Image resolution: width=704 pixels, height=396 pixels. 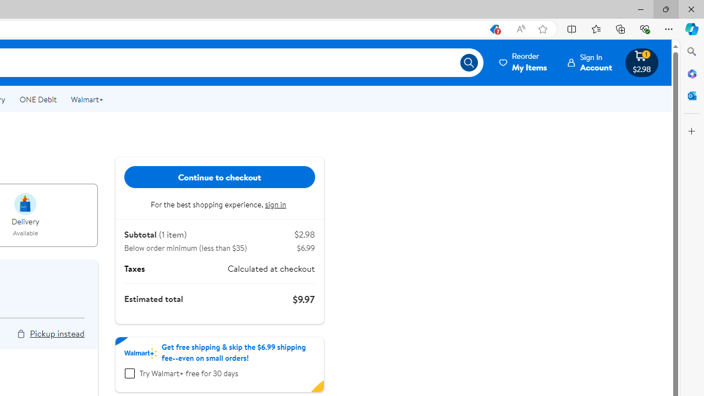 I want to click on 'sign in', so click(x=277, y=205).